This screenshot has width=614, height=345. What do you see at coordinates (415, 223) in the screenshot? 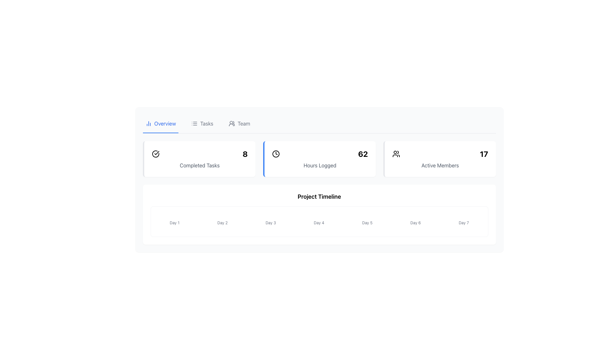
I see `the text label displaying 'Day 6' in gray font, which is part of the Project Timeline section between 'Day 5' and 'Day 7'` at bounding box center [415, 223].